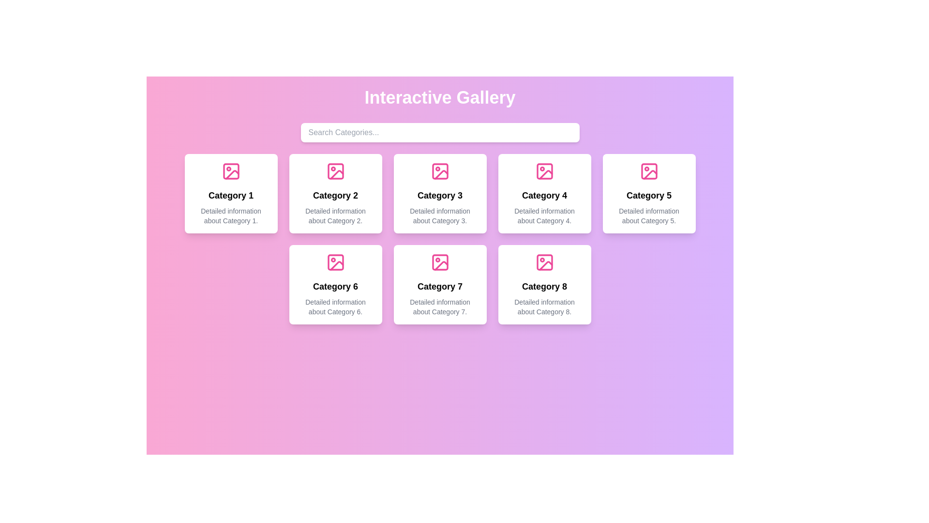  What do you see at coordinates (335, 262) in the screenshot?
I see `the minimalist bright pink icon representing an image placeholder, located at the top-center inside the card labeled 'Category 6', which is the 6th card in the grid layout` at bounding box center [335, 262].